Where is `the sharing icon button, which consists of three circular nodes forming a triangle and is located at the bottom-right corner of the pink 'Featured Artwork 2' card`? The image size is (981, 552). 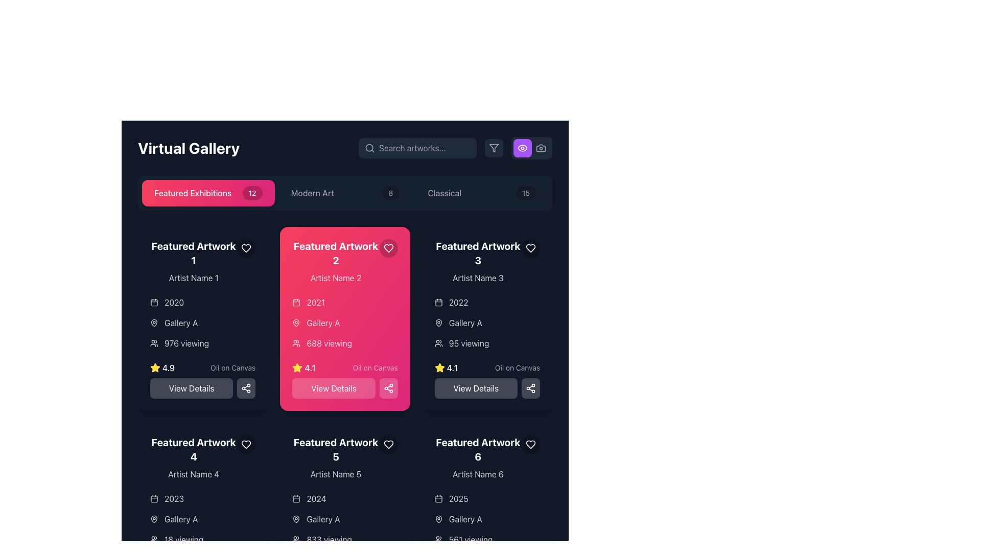 the sharing icon button, which consists of three circular nodes forming a triangle and is located at the bottom-right corner of the pink 'Featured Artwork 2' card is located at coordinates (388, 388).